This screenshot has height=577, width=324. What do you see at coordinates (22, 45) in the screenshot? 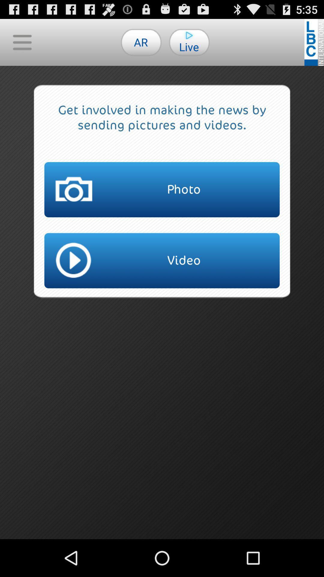
I see `the menu icon` at bounding box center [22, 45].